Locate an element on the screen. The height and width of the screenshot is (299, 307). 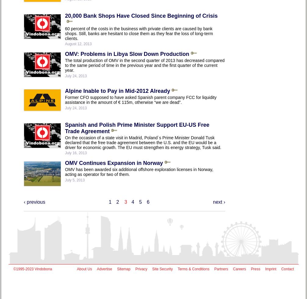
'Advertise' is located at coordinates (104, 269).